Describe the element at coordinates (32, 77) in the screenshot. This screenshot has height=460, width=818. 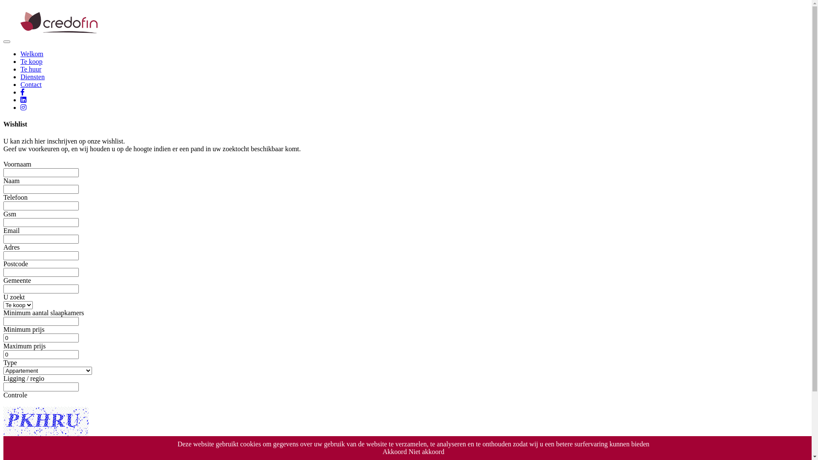
I see `'Diensten'` at that location.